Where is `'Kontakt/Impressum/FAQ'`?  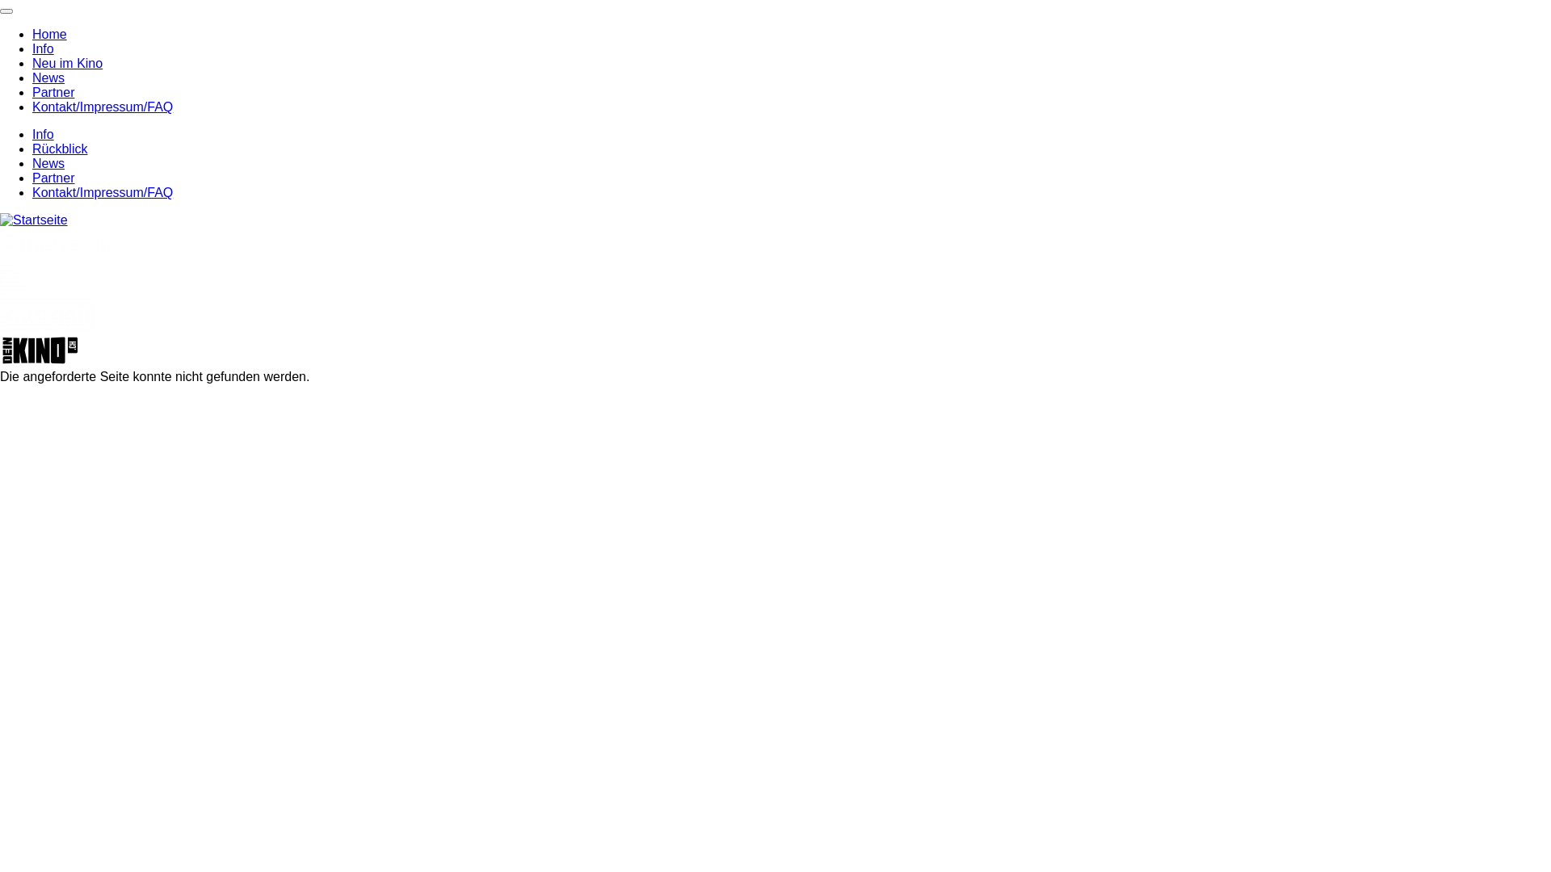 'Kontakt/Impressum/FAQ' is located at coordinates (101, 107).